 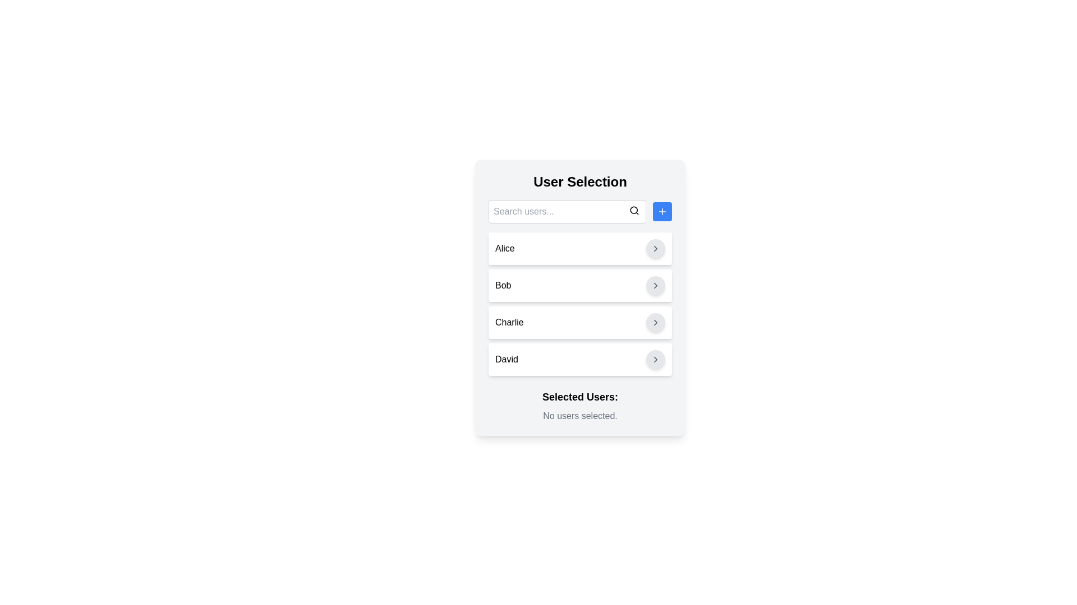 What do you see at coordinates (503, 285) in the screenshot?
I see `the text label displaying the name 'Bob'` at bounding box center [503, 285].